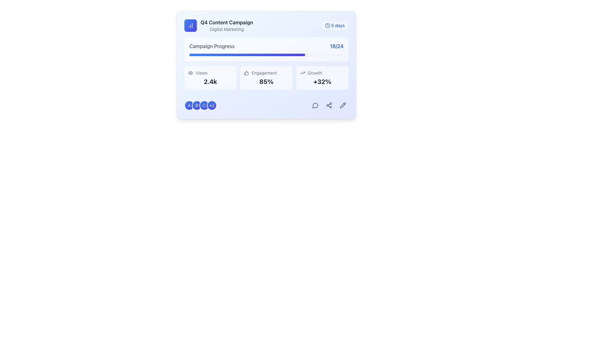  Describe the element at coordinates (189, 105) in the screenshot. I see `the first circular badge in the sequence located at the bottom-left corner of the card, which represents the individual item or user labeled 'A'` at that location.